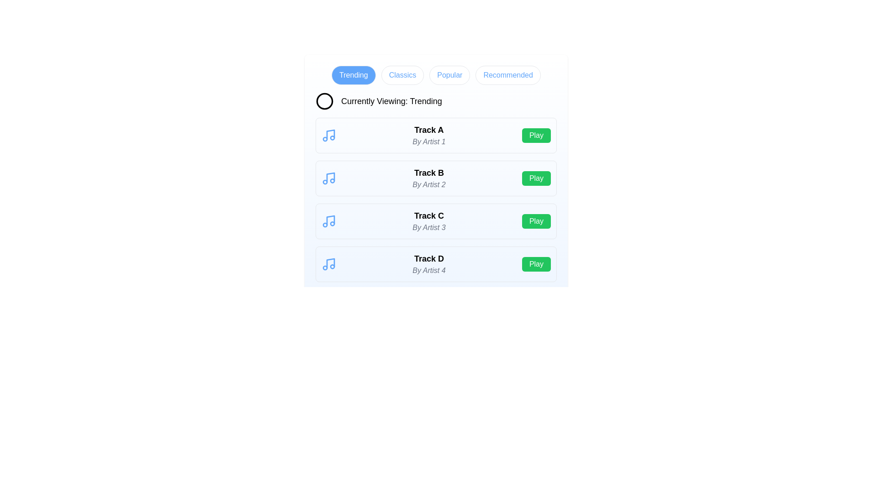  What do you see at coordinates (536, 264) in the screenshot?
I see `the 'Play' button for the track named Track D` at bounding box center [536, 264].